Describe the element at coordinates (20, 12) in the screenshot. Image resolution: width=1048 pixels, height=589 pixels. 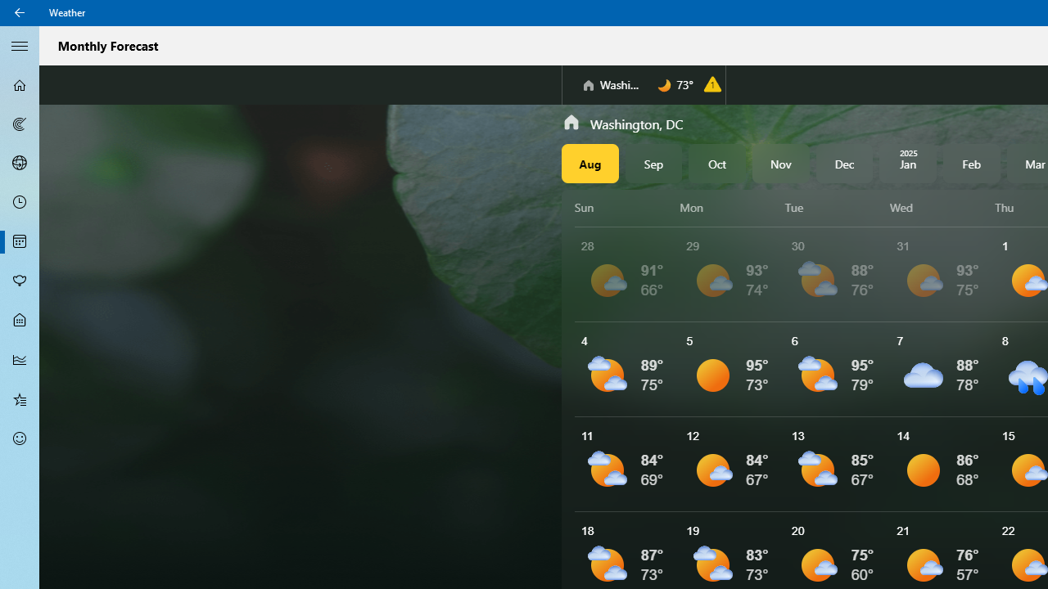
I see `'Back'` at that location.